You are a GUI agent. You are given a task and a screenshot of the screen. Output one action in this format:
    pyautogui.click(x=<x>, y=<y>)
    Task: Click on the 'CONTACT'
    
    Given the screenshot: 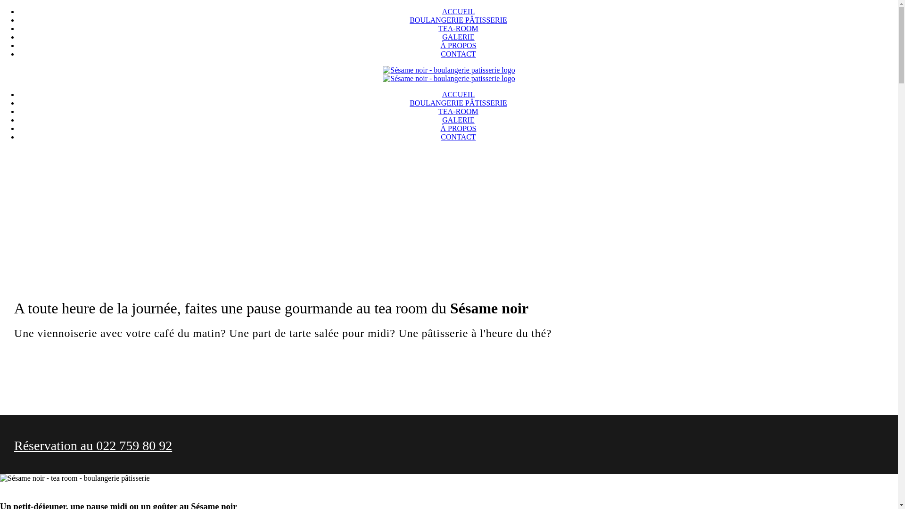 What is the action you would take?
    pyautogui.click(x=458, y=54)
    